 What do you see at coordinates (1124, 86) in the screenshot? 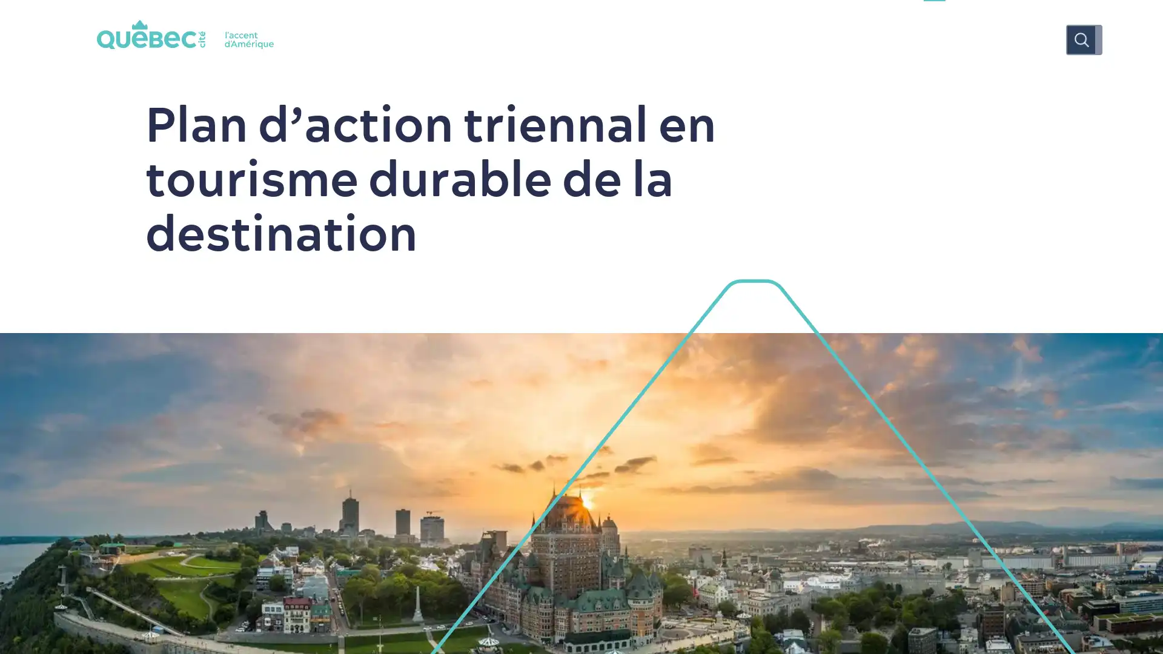
I see `Tous` at bounding box center [1124, 86].